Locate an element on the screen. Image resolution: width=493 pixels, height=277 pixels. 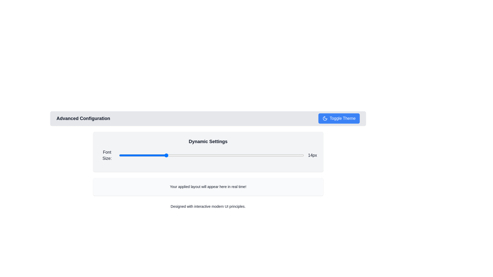
descriptive text element positioned at the bottom of the layout, which communicates that the interface has been designed using modern UI principles is located at coordinates (208, 206).